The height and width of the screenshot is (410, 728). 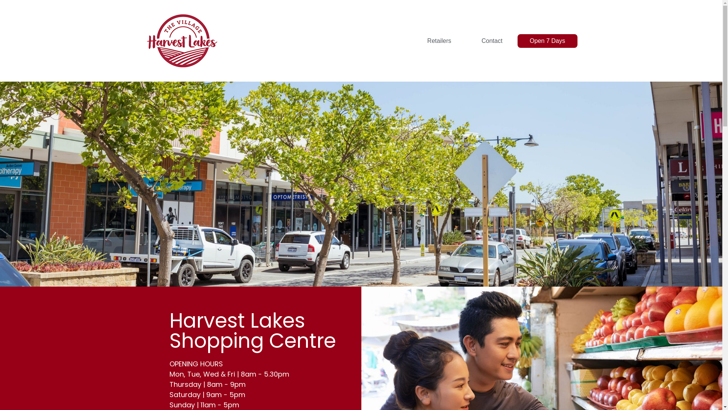 What do you see at coordinates (517, 41) in the screenshot?
I see `'Open 7 Days'` at bounding box center [517, 41].